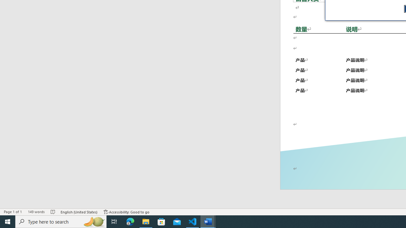 This screenshot has height=228, width=406. Describe the element at coordinates (13, 212) in the screenshot. I see `'Page Number Page 1 of 1'` at that location.